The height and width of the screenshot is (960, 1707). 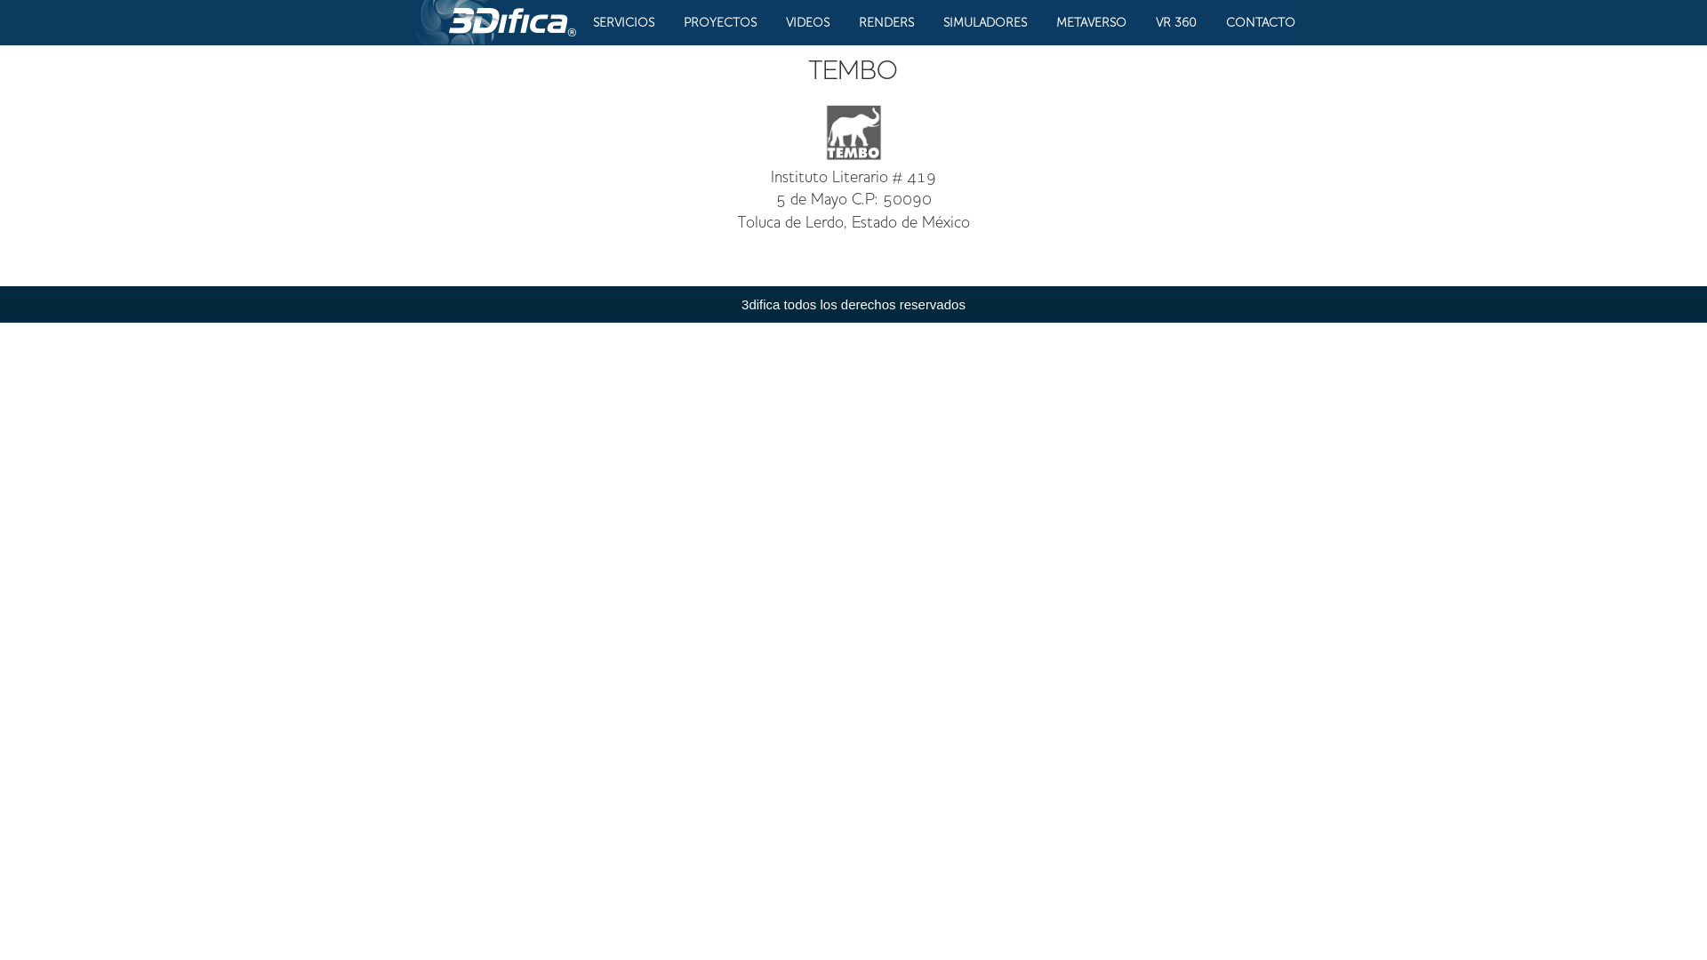 I want to click on 'RENDERS', so click(x=886, y=23).